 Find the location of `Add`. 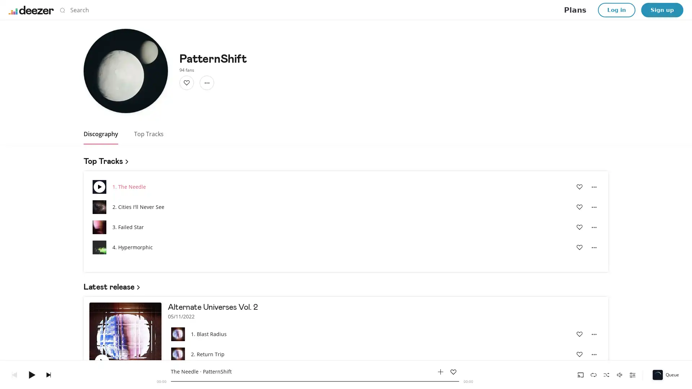

Add is located at coordinates (187, 82).